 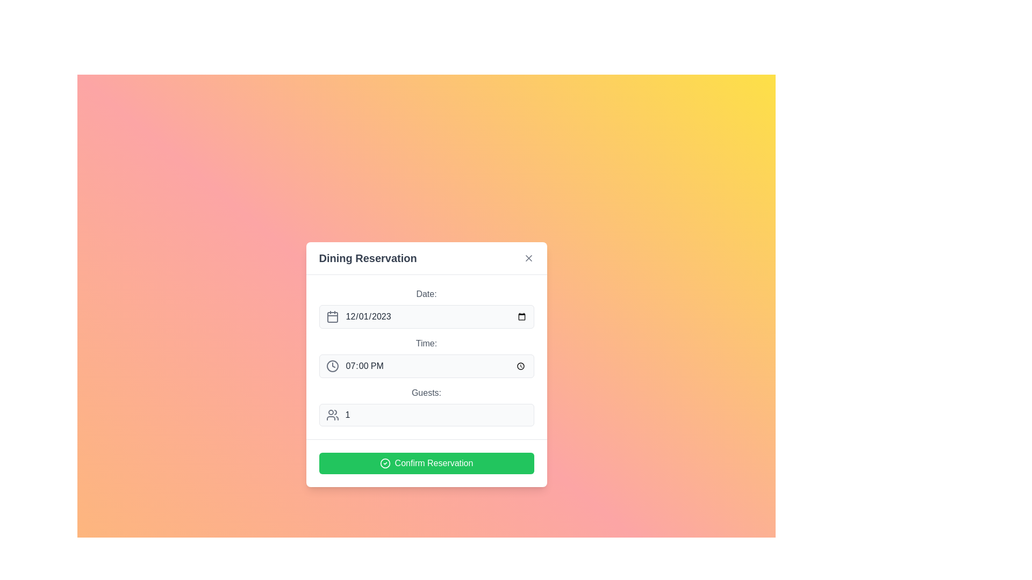 I want to click on the close button, which is a small gray 'X' icon located in the top-right corner of the 'Dining Reservation' modal, so click(x=528, y=258).